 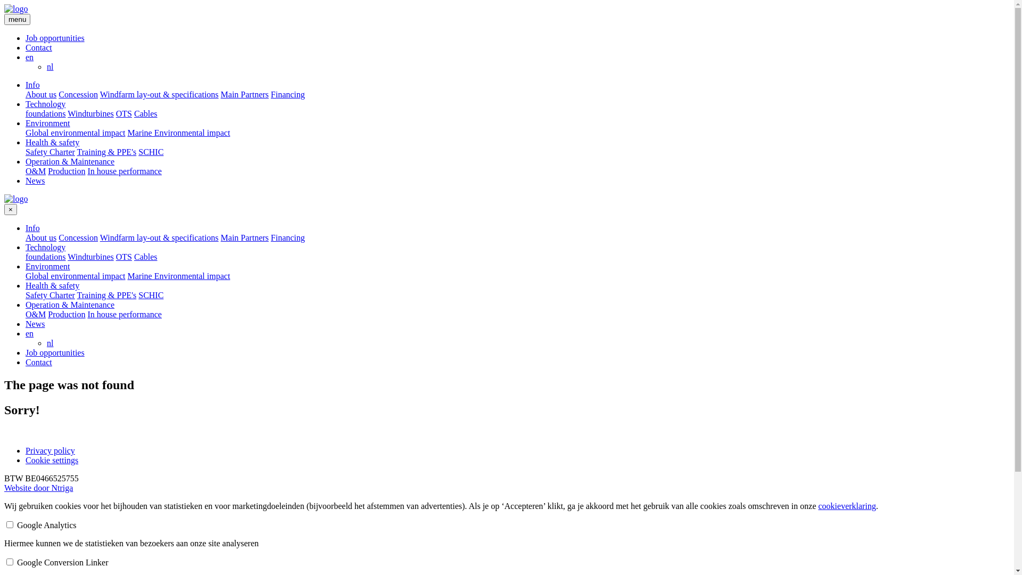 What do you see at coordinates (107, 152) in the screenshot?
I see `'Training & PPE's'` at bounding box center [107, 152].